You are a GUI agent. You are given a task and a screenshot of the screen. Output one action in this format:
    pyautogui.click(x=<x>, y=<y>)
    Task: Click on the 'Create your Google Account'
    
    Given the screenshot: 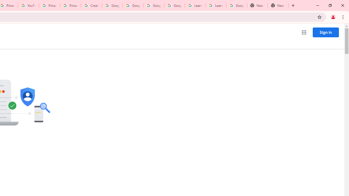 What is the action you would take?
    pyautogui.click(x=91, y=5)
    